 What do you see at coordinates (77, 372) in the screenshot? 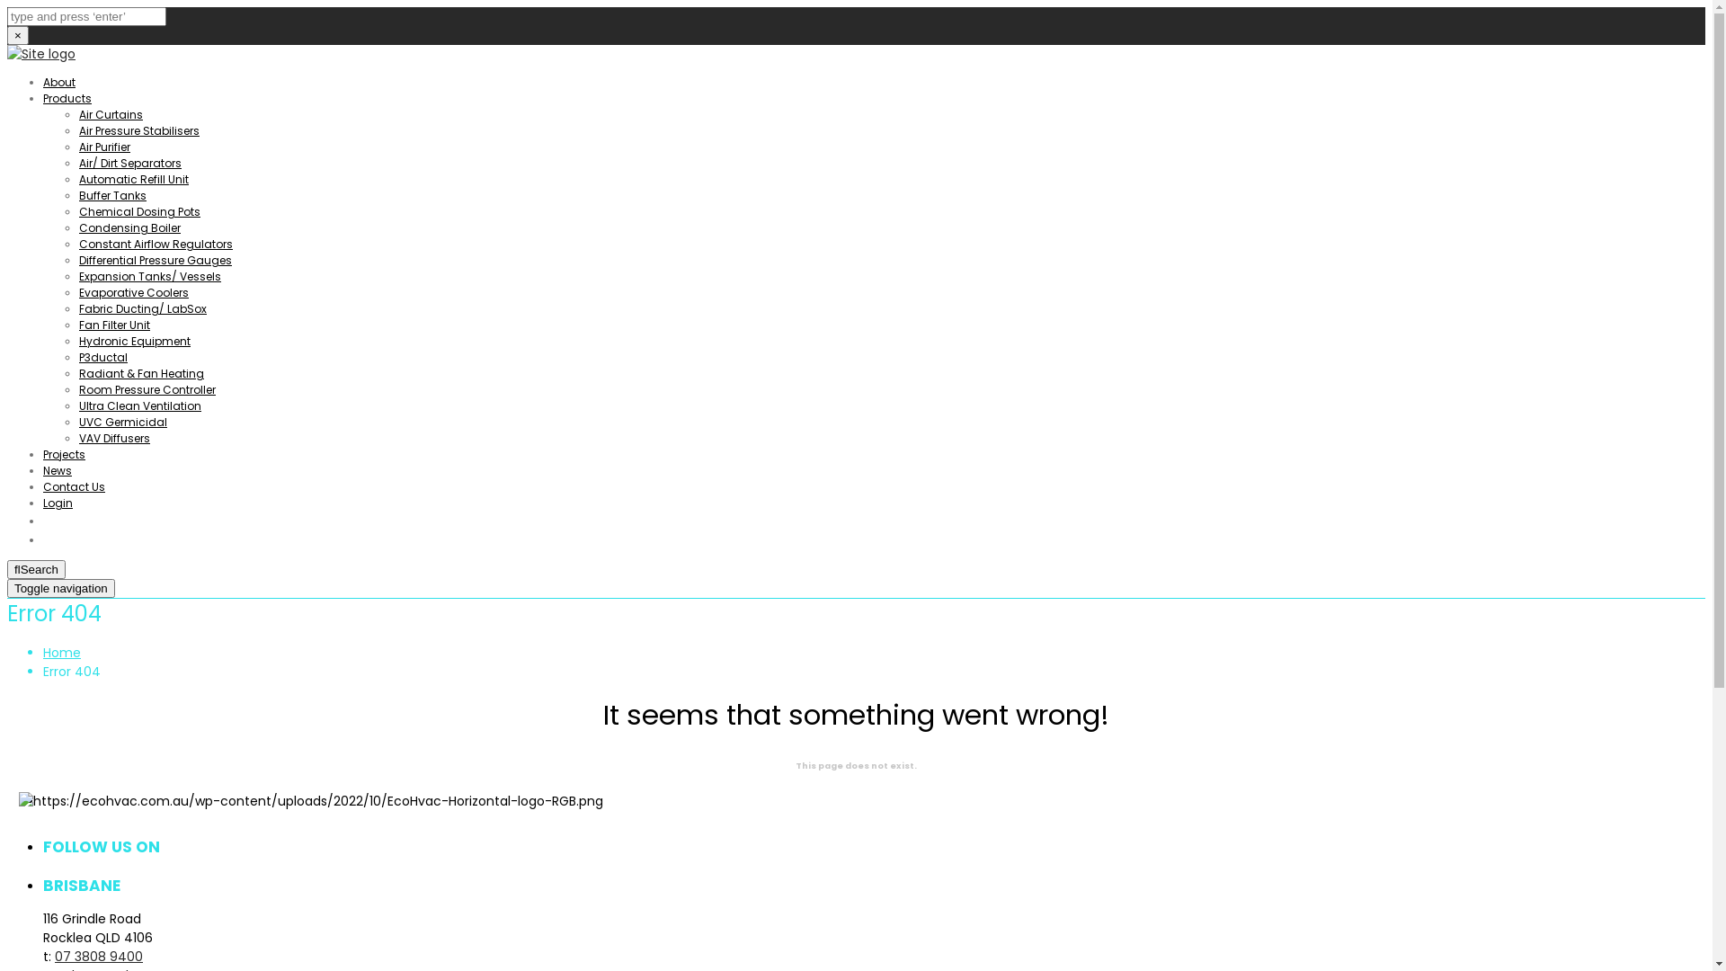
I see `'Radiant & Fan Heating'` at bounding box center [77, 372].